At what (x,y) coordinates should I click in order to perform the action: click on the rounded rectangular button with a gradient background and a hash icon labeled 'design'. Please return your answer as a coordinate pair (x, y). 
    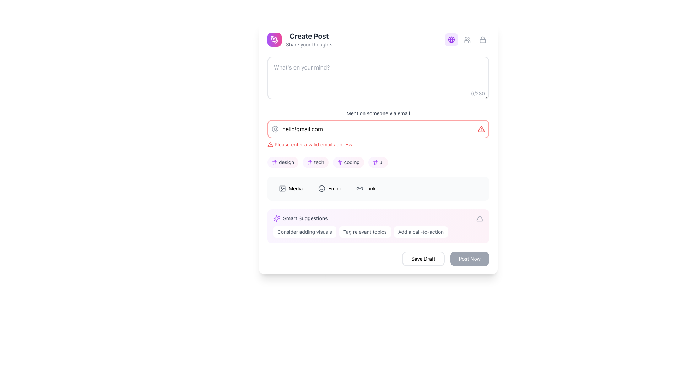
    Looking at the image, I should click on (282, 162).